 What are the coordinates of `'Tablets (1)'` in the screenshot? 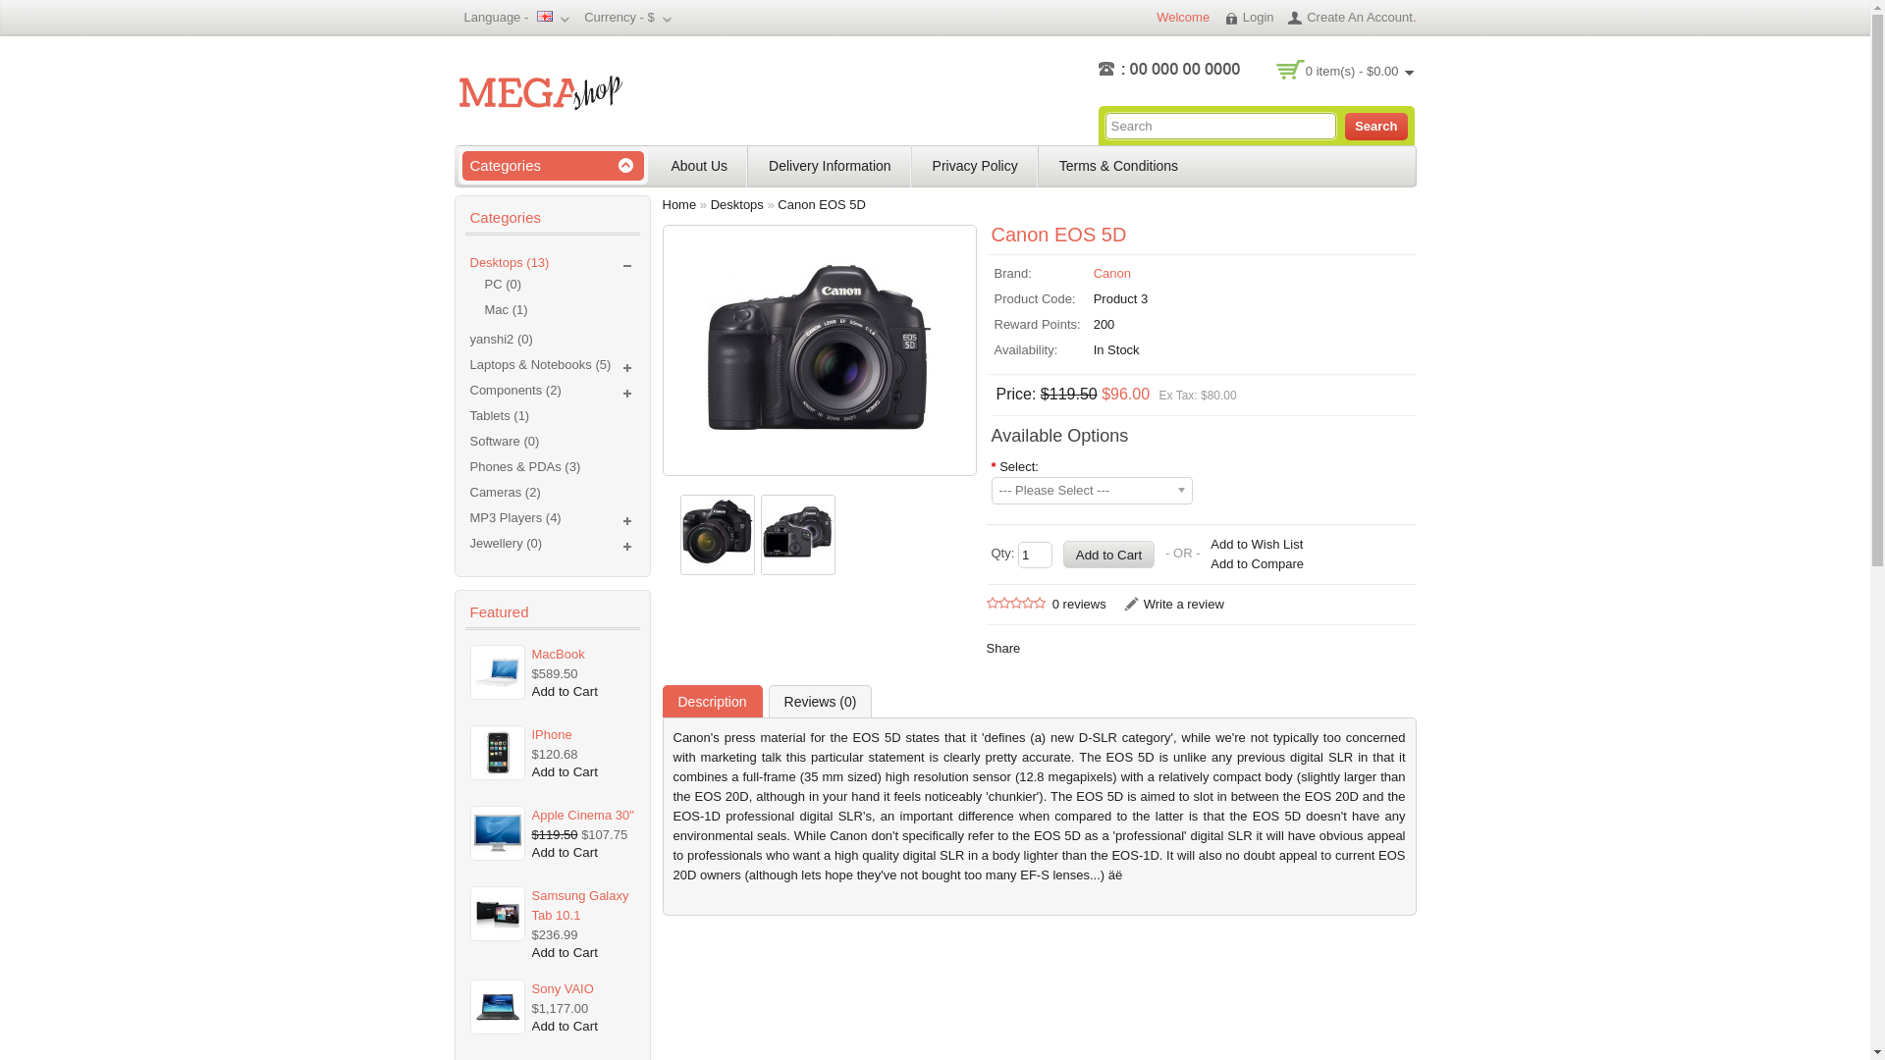 It's located at (499, 414).